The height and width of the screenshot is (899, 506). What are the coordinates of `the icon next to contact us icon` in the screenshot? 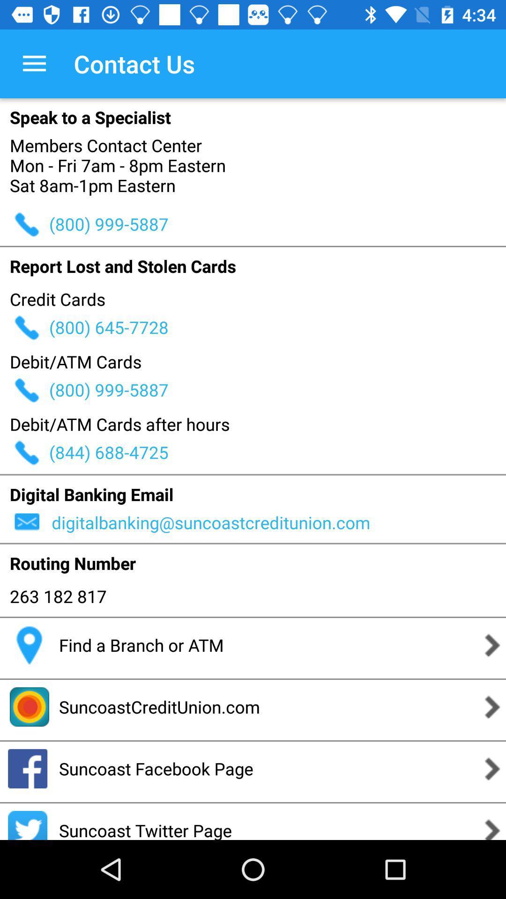 It's located at (34, 63).